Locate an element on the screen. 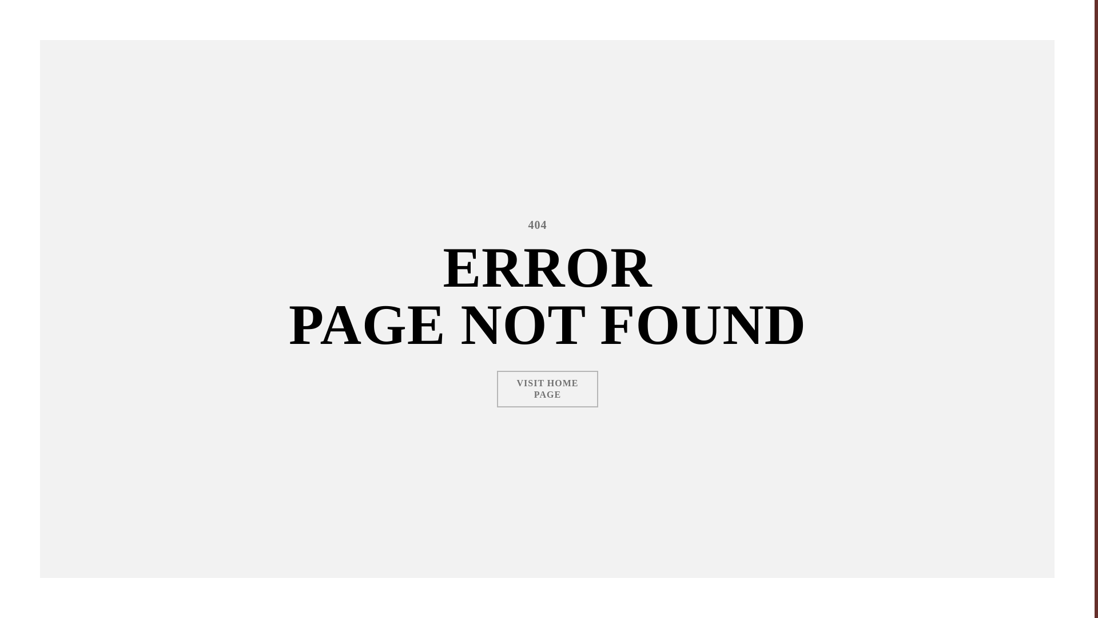 The width and height of the screenshot is (1098, 618). 'VISIT HOME PAGE' is located at coordinates (547, 388).